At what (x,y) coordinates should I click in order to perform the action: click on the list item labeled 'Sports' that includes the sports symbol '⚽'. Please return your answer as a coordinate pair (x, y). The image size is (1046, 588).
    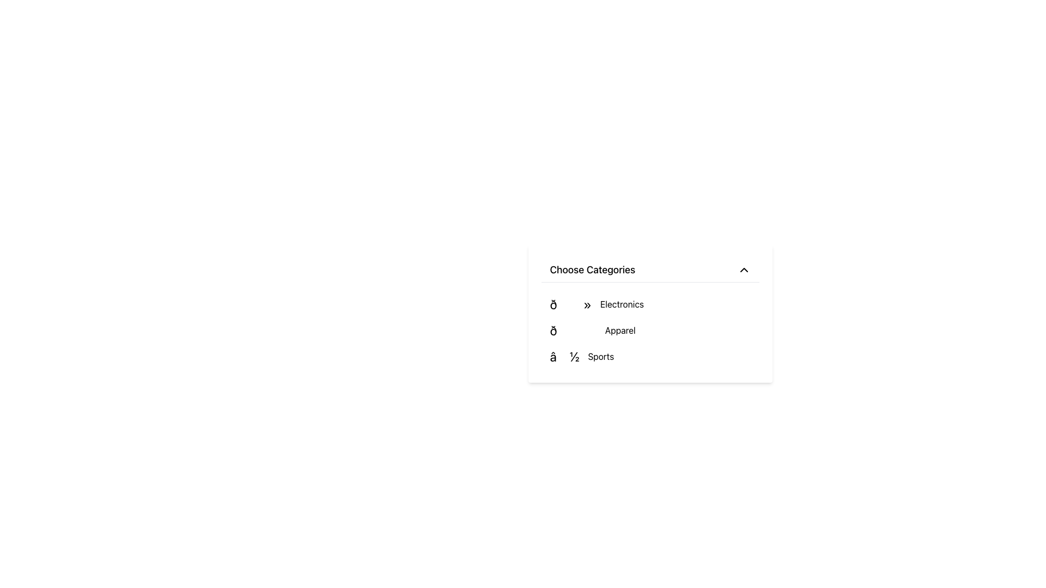
    Looking at the image, I should click on (650, 357).